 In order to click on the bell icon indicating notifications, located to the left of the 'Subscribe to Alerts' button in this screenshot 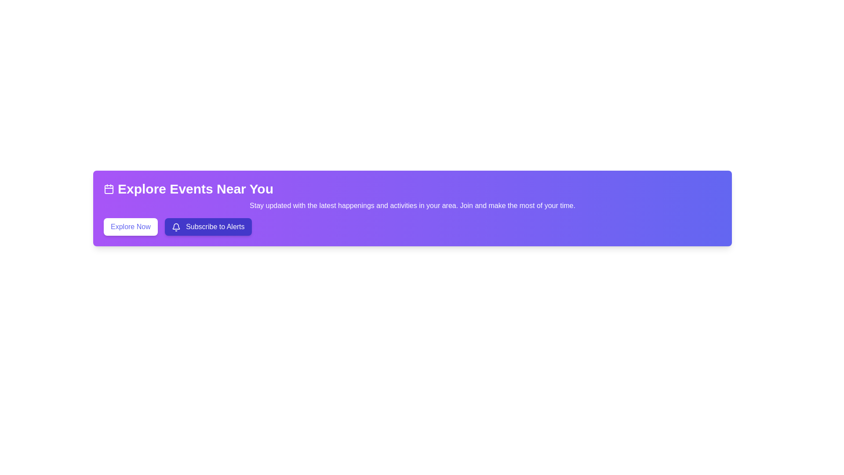, I will do `click(176, 227)`.